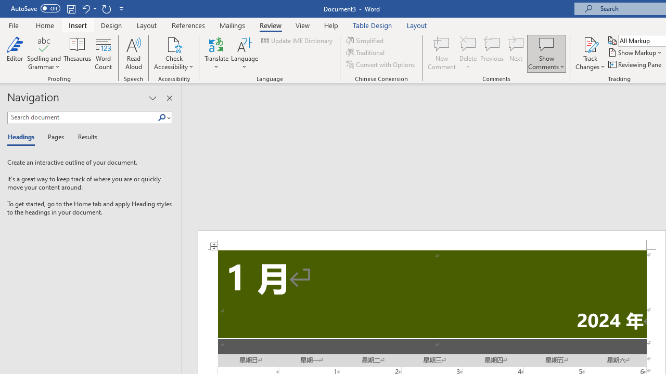 Image resolution: width=666 pixels, height=374 pixels. Describe the element at coordinates (468, 54) in the screenshot. I see `'Delete'` at that location.